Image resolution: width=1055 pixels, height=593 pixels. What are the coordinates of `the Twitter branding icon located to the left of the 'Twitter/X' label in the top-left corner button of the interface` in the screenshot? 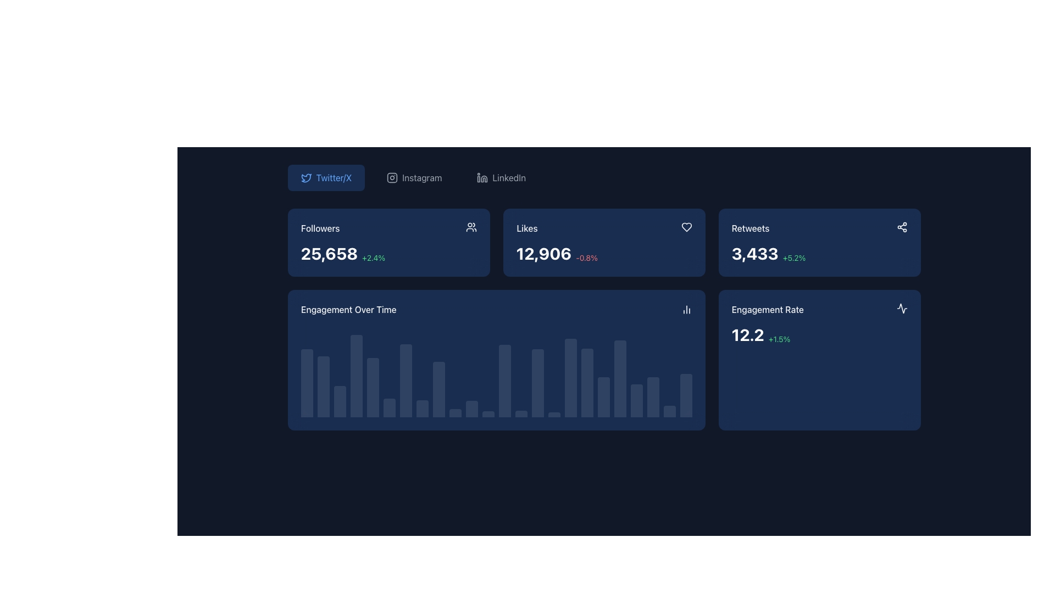 It's located at (306, 177).